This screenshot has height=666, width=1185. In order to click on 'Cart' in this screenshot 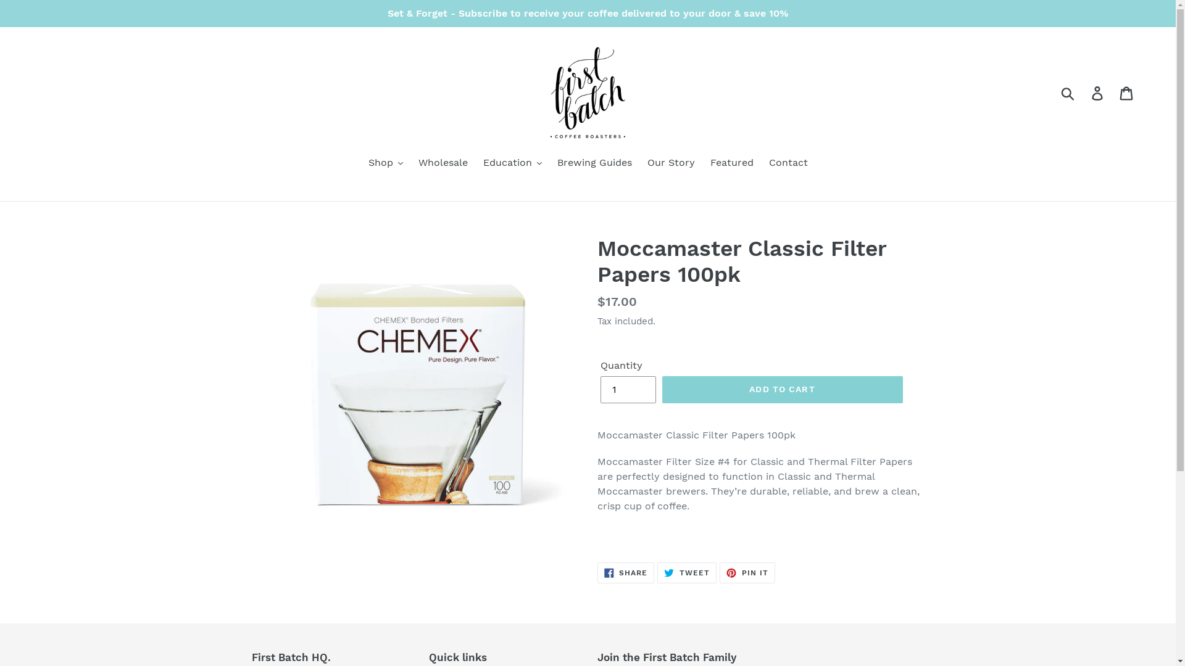, I will do `click(1127, 92)`.